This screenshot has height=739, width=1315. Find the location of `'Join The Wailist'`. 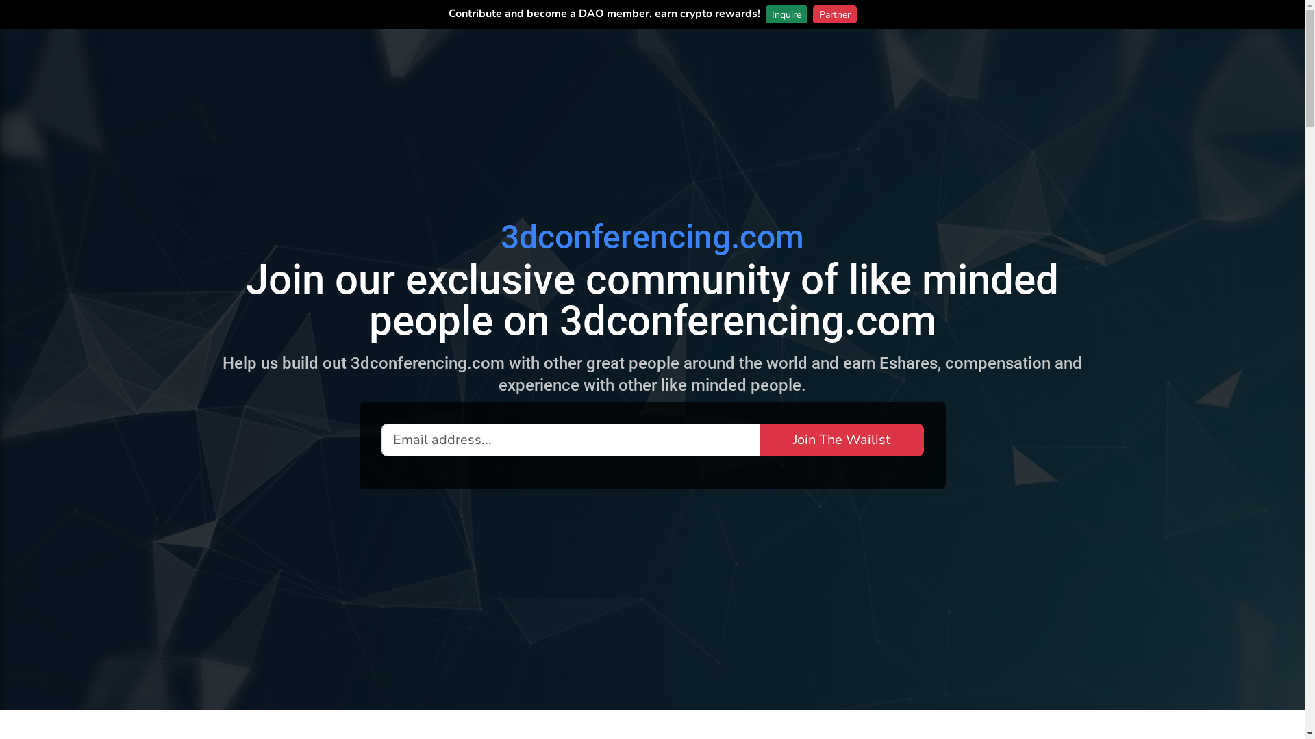

'Join The Wailist' is located at coordinates (840, 439).